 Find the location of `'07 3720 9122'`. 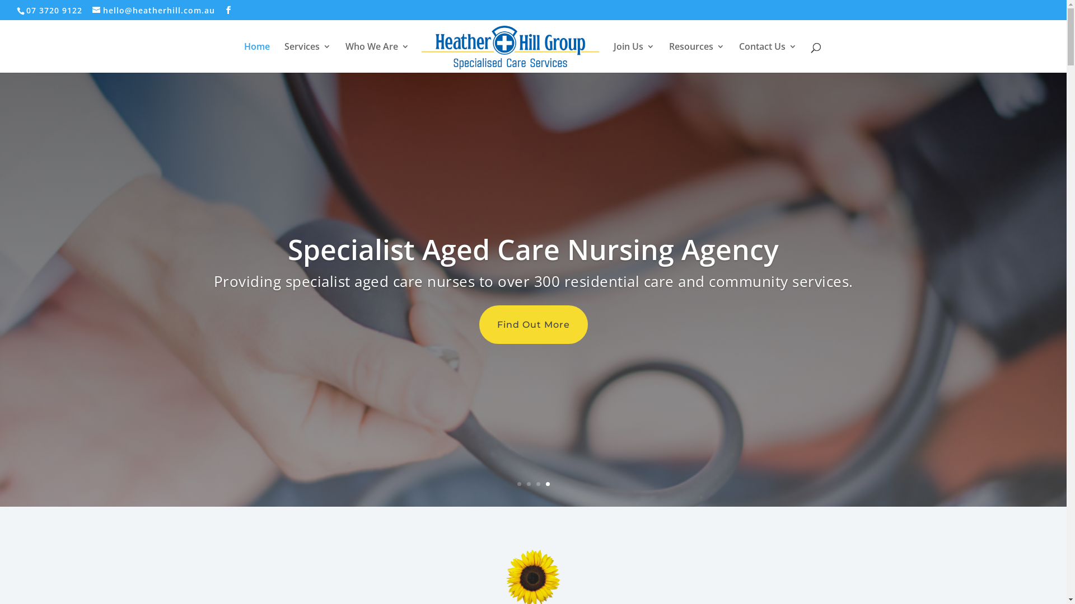

'07 3720 9122' is located at coordinates (55, 10).